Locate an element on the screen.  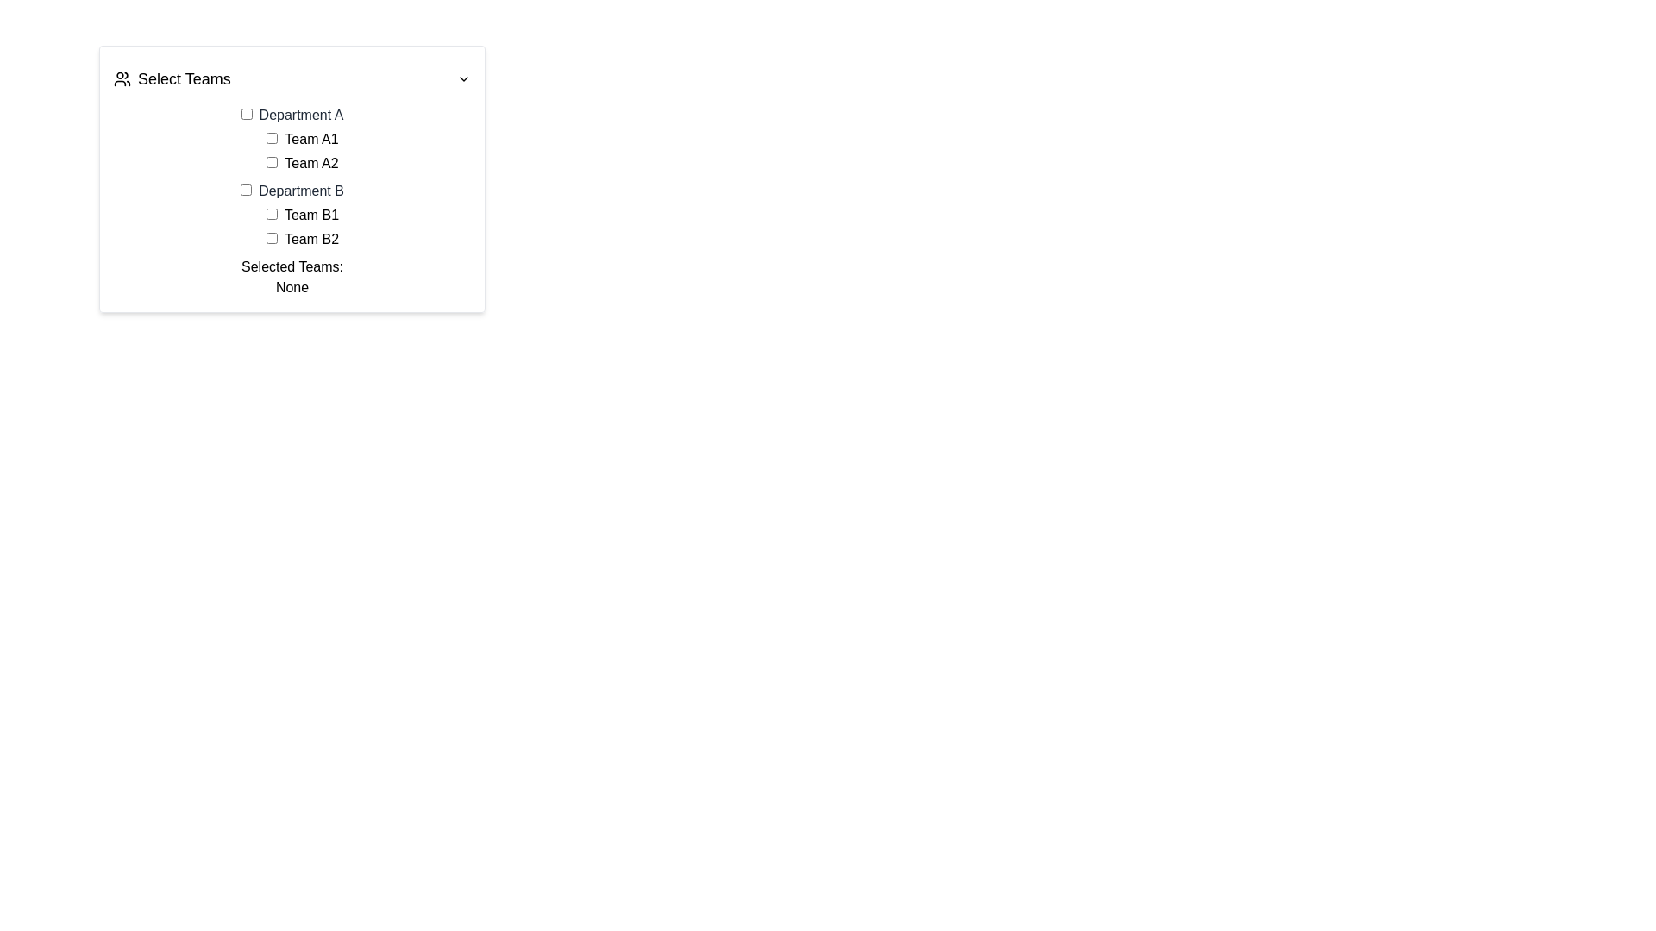
the downward-facing chevron icon located at the far right of the 'Select Teams' dropdown header is located at coordinates (463, 79).